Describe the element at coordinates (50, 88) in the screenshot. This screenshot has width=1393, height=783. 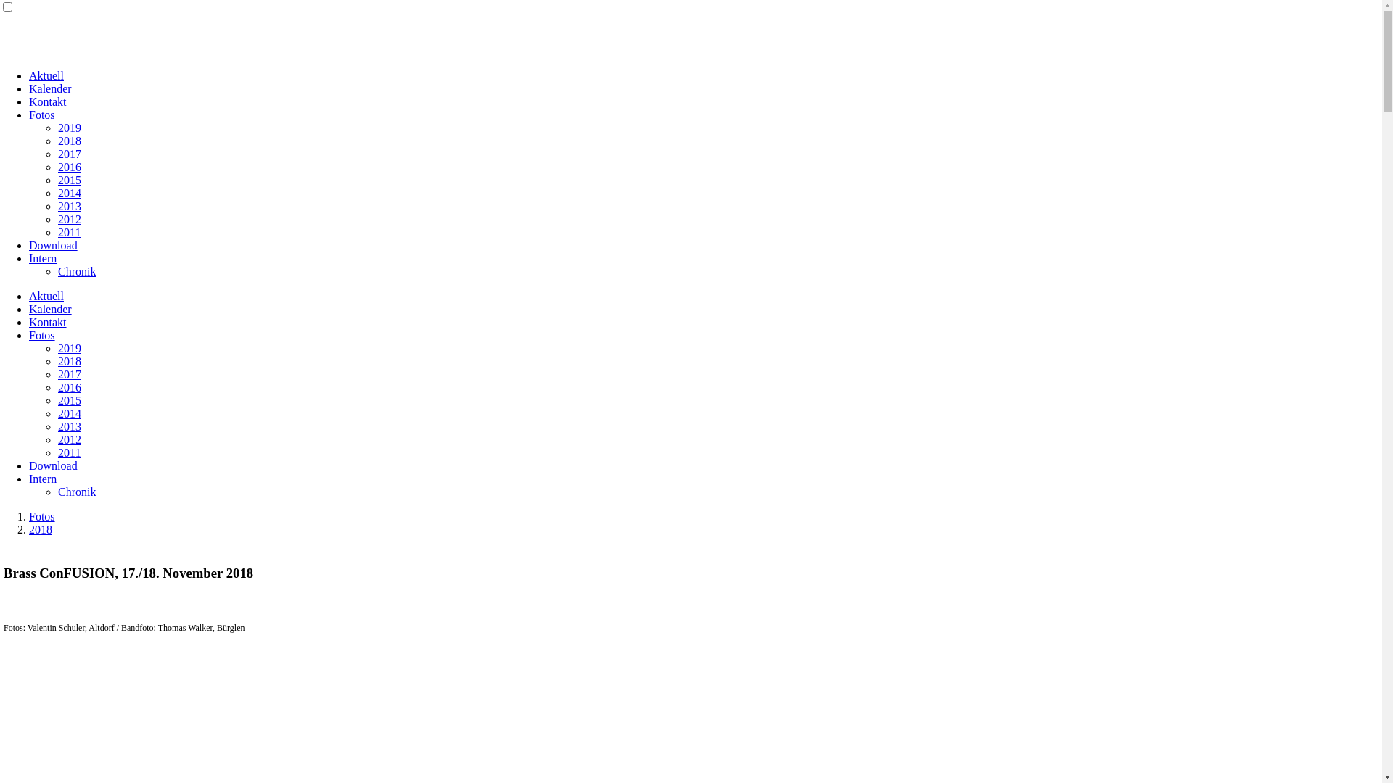
I see `'Kalender'` at that location.